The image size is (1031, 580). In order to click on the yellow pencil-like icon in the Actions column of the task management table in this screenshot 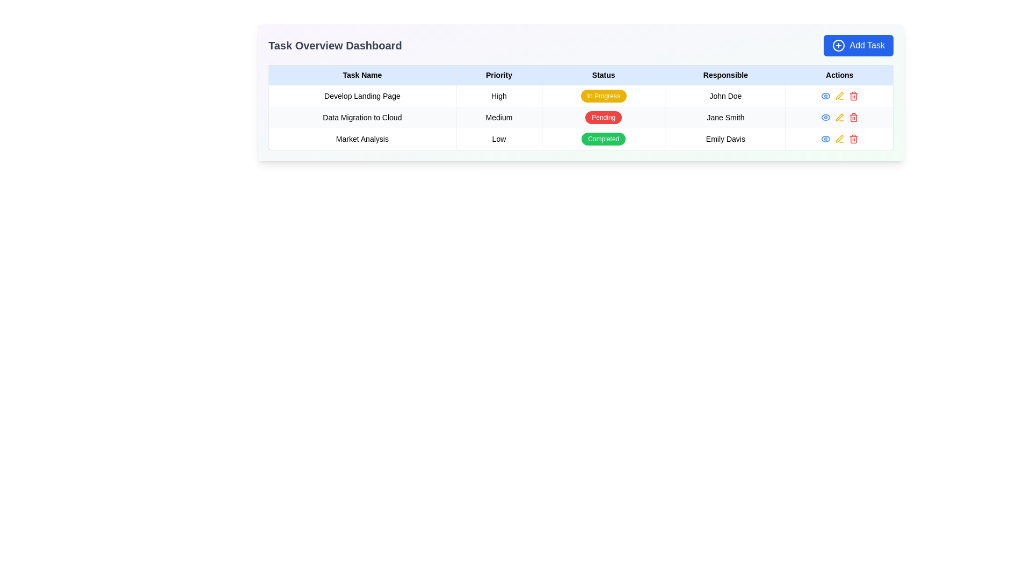, I will do `click(839, 95)`.